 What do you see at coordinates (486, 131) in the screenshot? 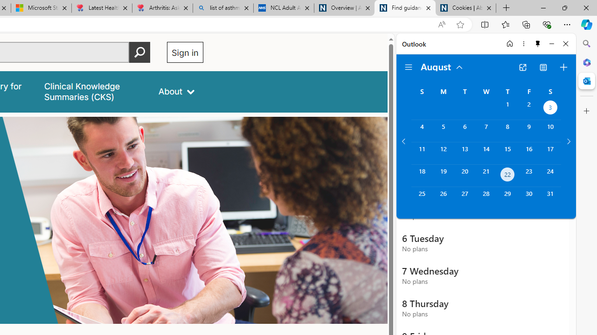
I see `'Wednesday, August 7, 2024. '` at bounding box center [486, 131].